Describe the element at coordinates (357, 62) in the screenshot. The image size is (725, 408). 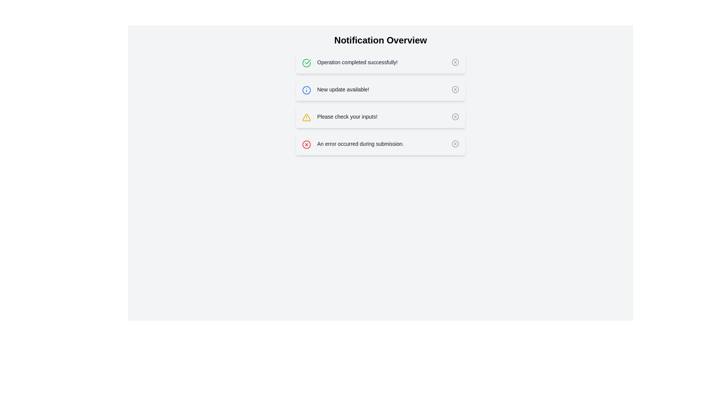
I see `the static text displaying the message 'Operation completed successfully!' located in the topmost notification card, positioned slightly below the green checkmark icon` at that location.